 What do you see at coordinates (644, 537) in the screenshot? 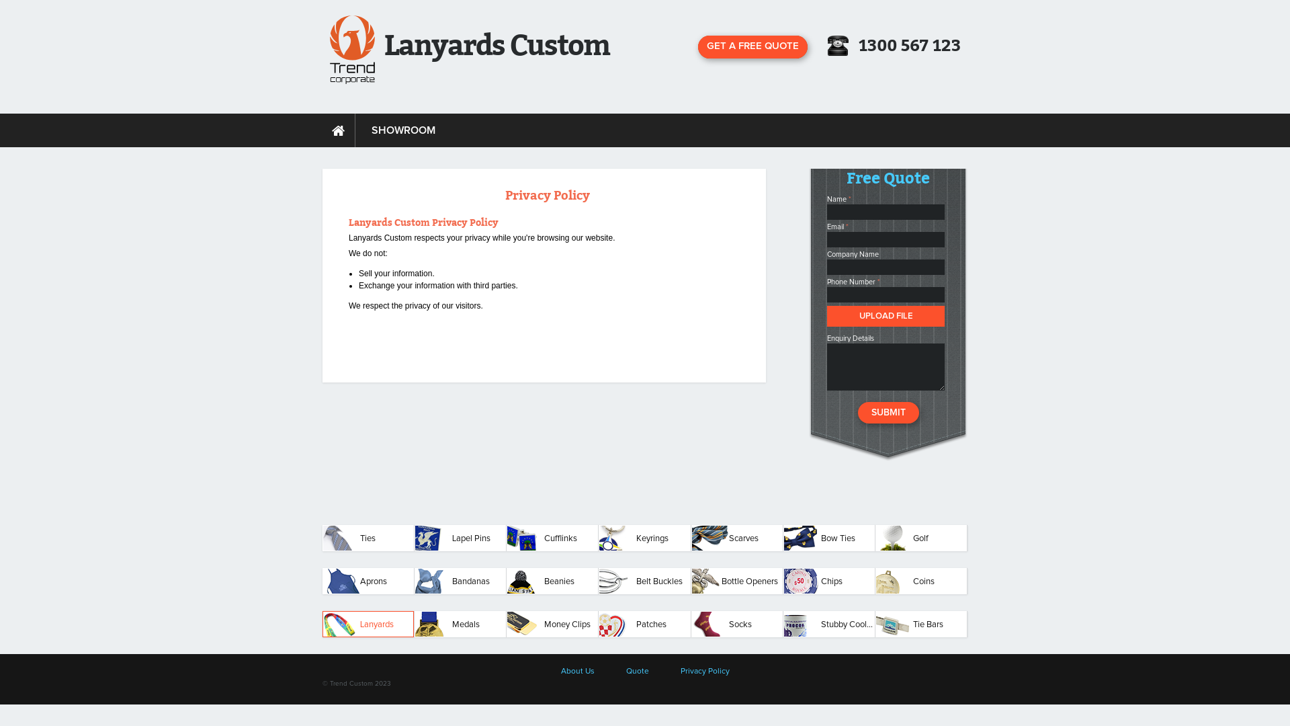
I see `'Keyrings'` at bounding box center [644, 537].